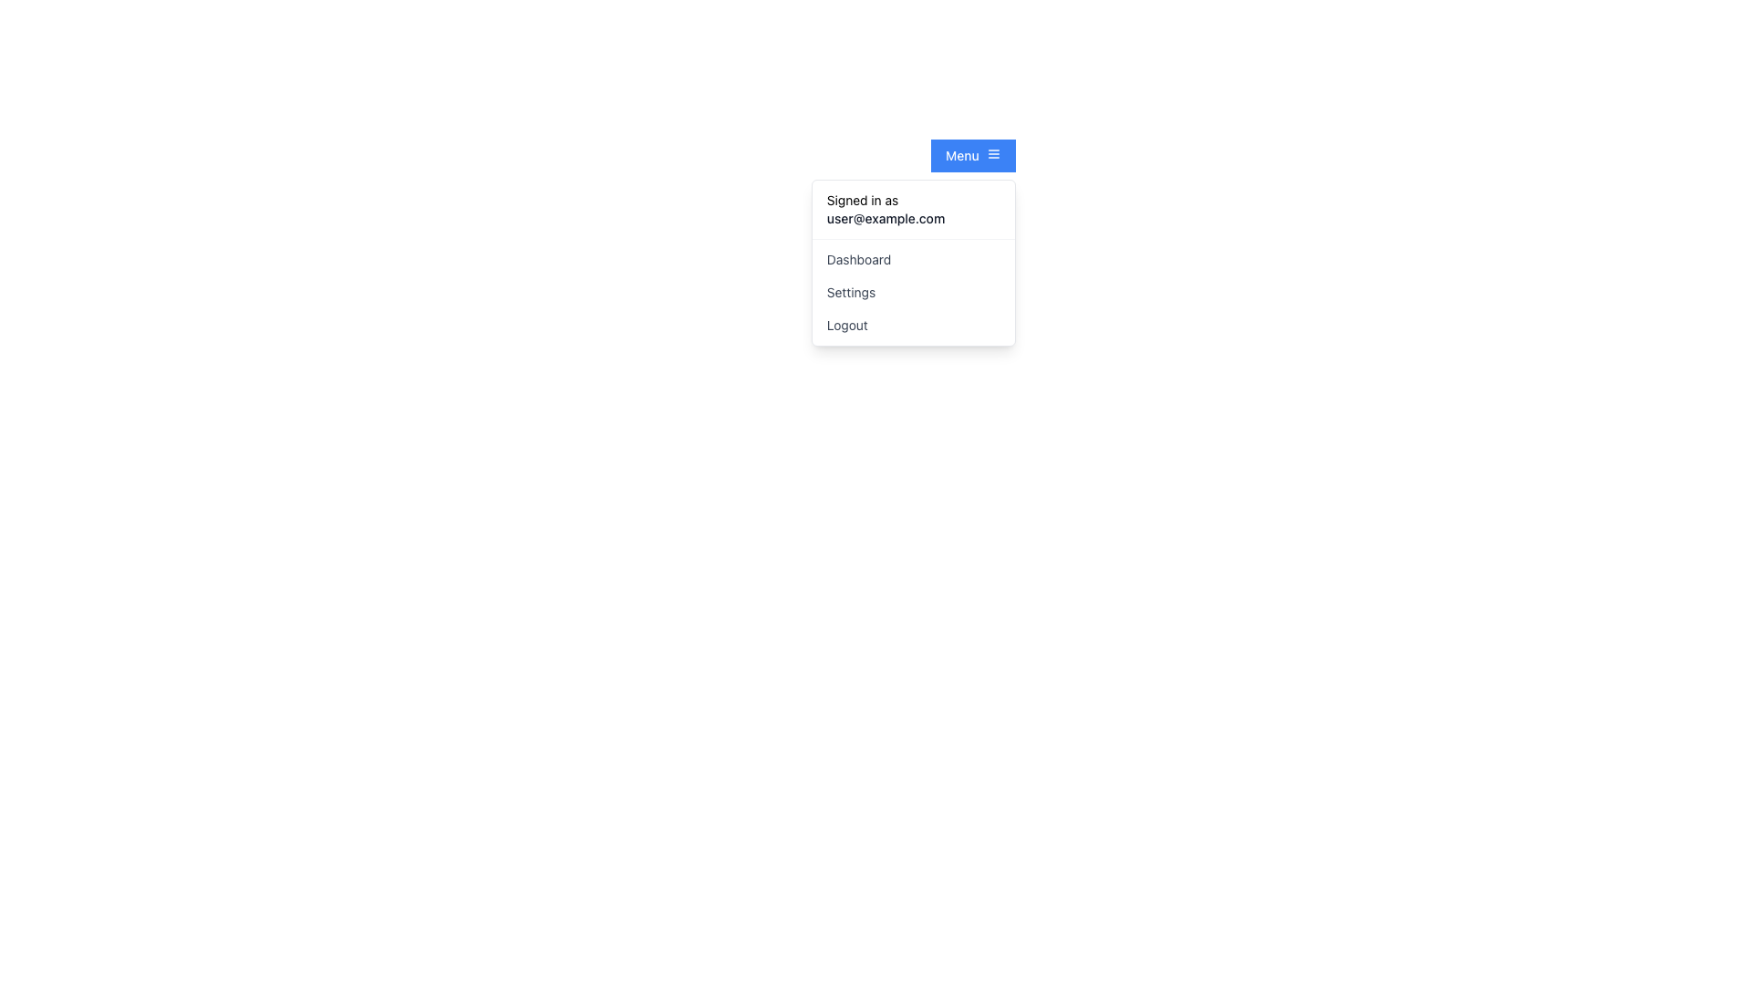 This screenshot has height=985, width=1751. What do you see at coordinates (913, 217) in the screenshot?
I see `the static text display element that shows the email address, located in the top-right dropdown menu, below the label 'Signed in as.'` at bounding box center [913, 217].